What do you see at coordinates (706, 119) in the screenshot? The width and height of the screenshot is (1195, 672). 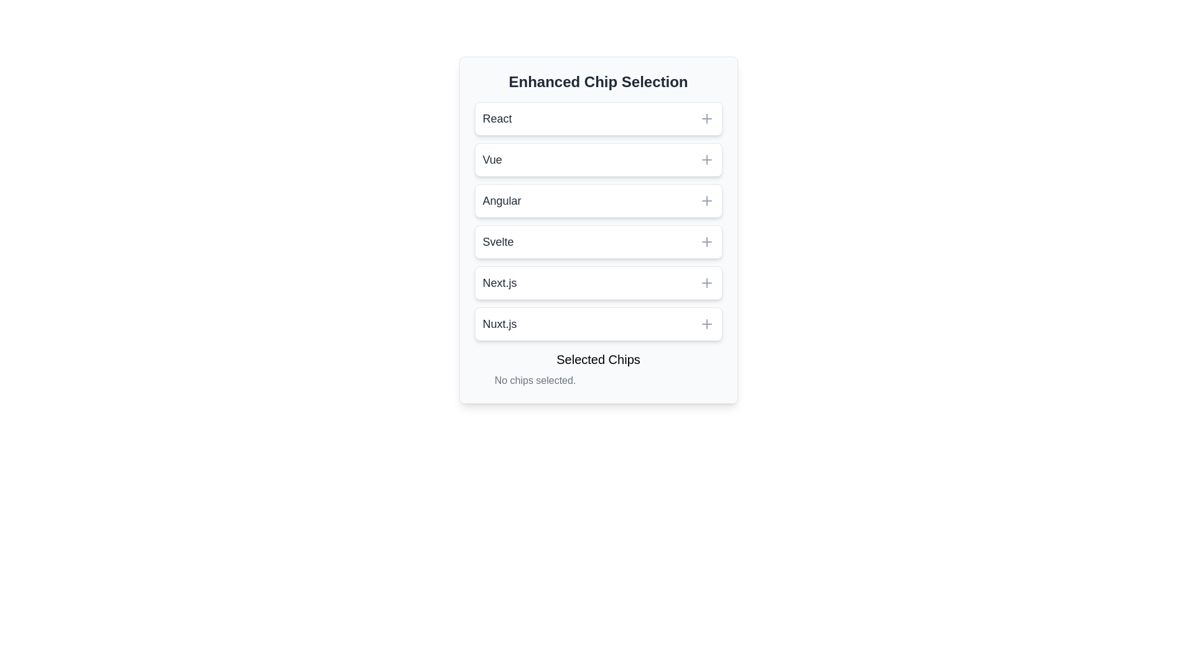 I see `the gray SVG button with a plus sign located to the far right of the 'React' list item` at bounding box center [706, 119].